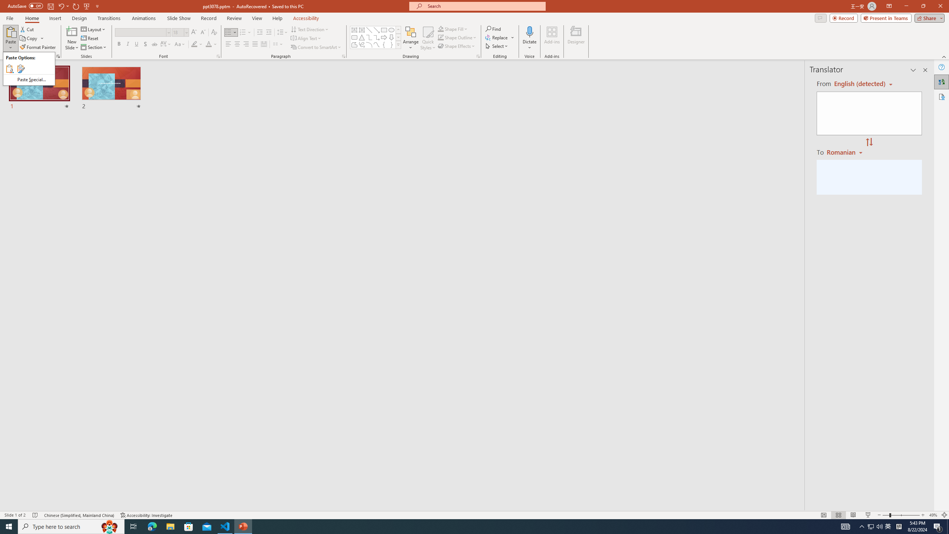 The width and height of the screenshot is (949, 534). What do you see at coordinates (497, 45) in the screenshot?
I see `'Select'` at bounding box center [497, 45].